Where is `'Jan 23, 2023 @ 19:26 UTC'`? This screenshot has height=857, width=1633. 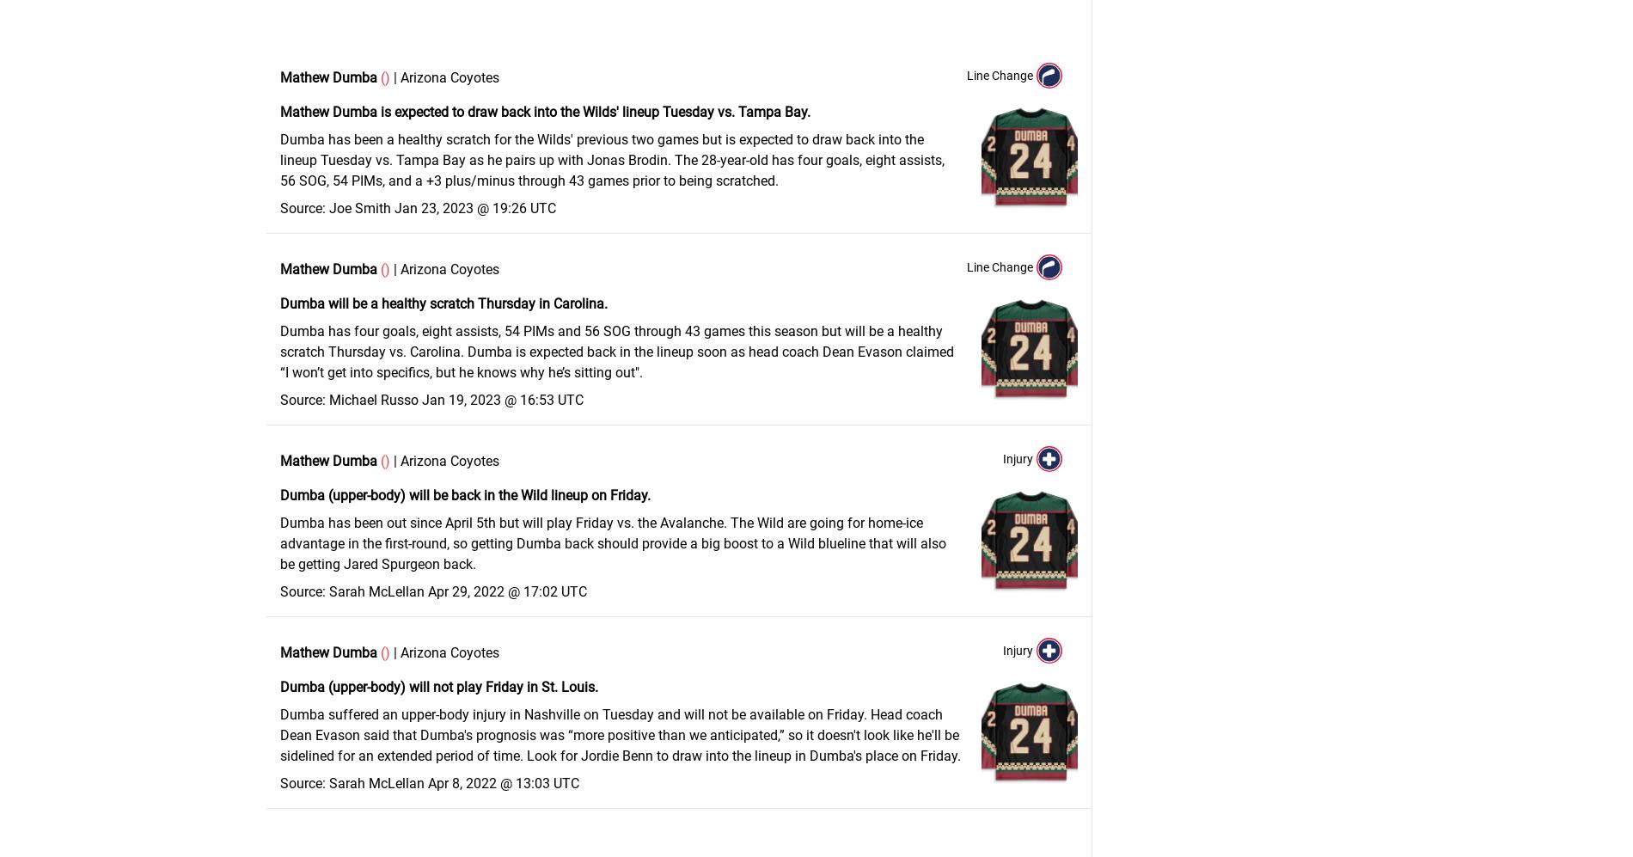
'Jan 23, 2023 @ 19:26 UTC' is located at coordinates (394, 207).